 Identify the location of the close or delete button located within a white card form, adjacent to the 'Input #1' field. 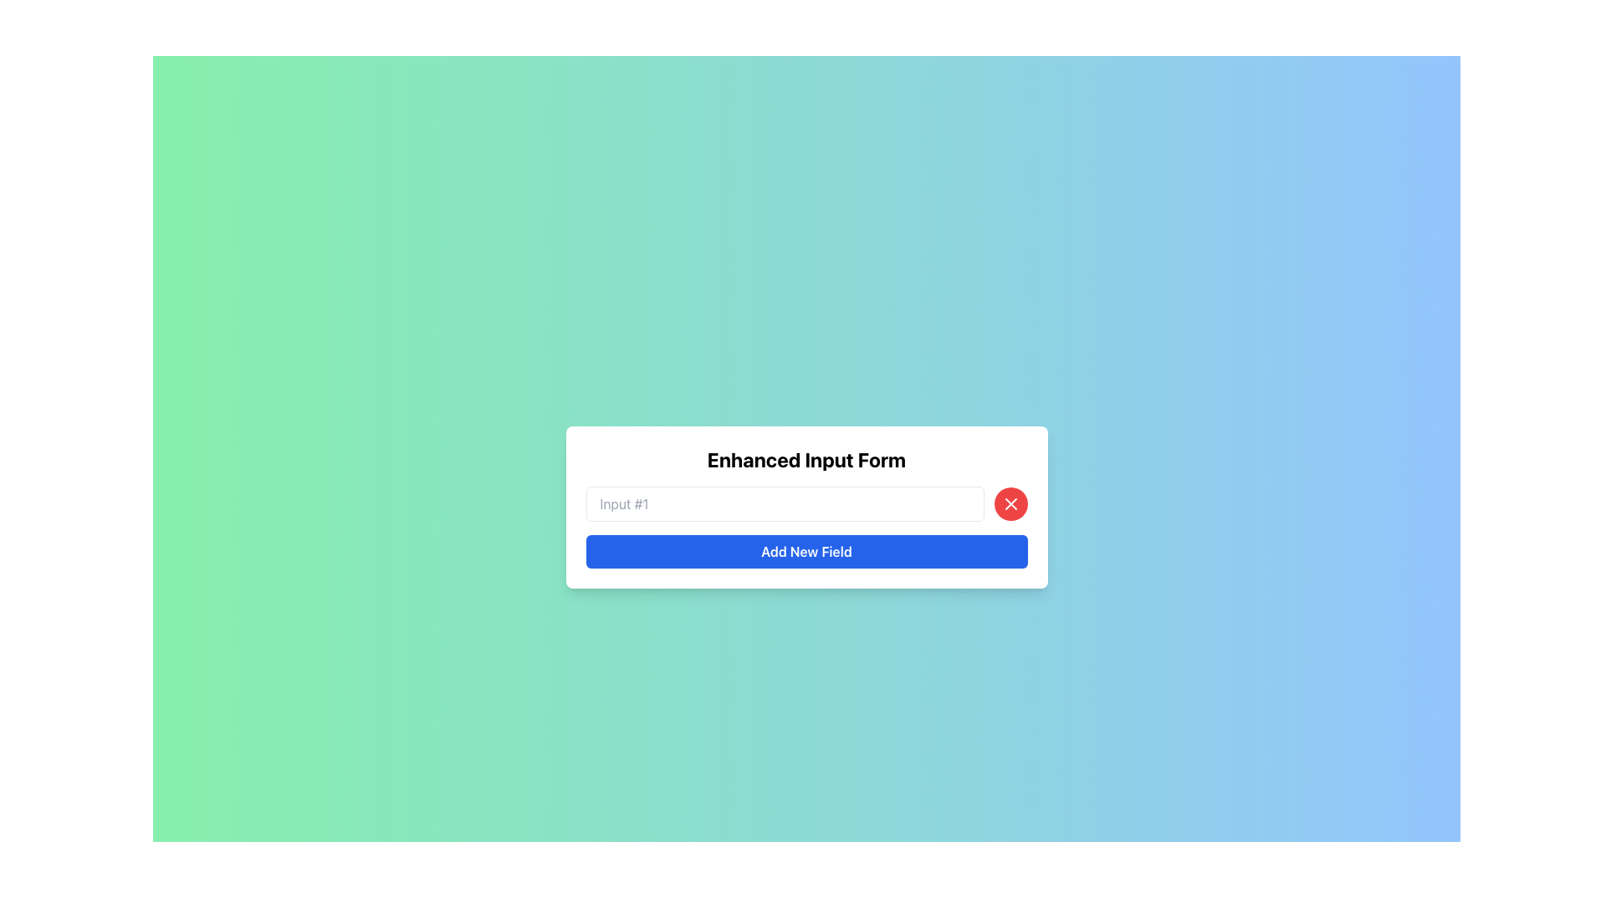
(1010, 503).